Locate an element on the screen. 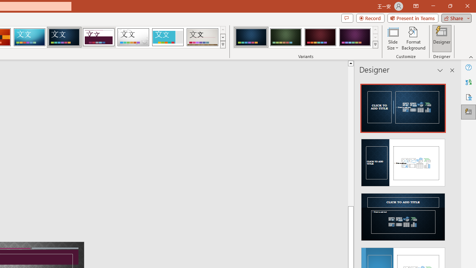 The image size is (476, 268). 'Row Down' is located at coordinates (375, 37).